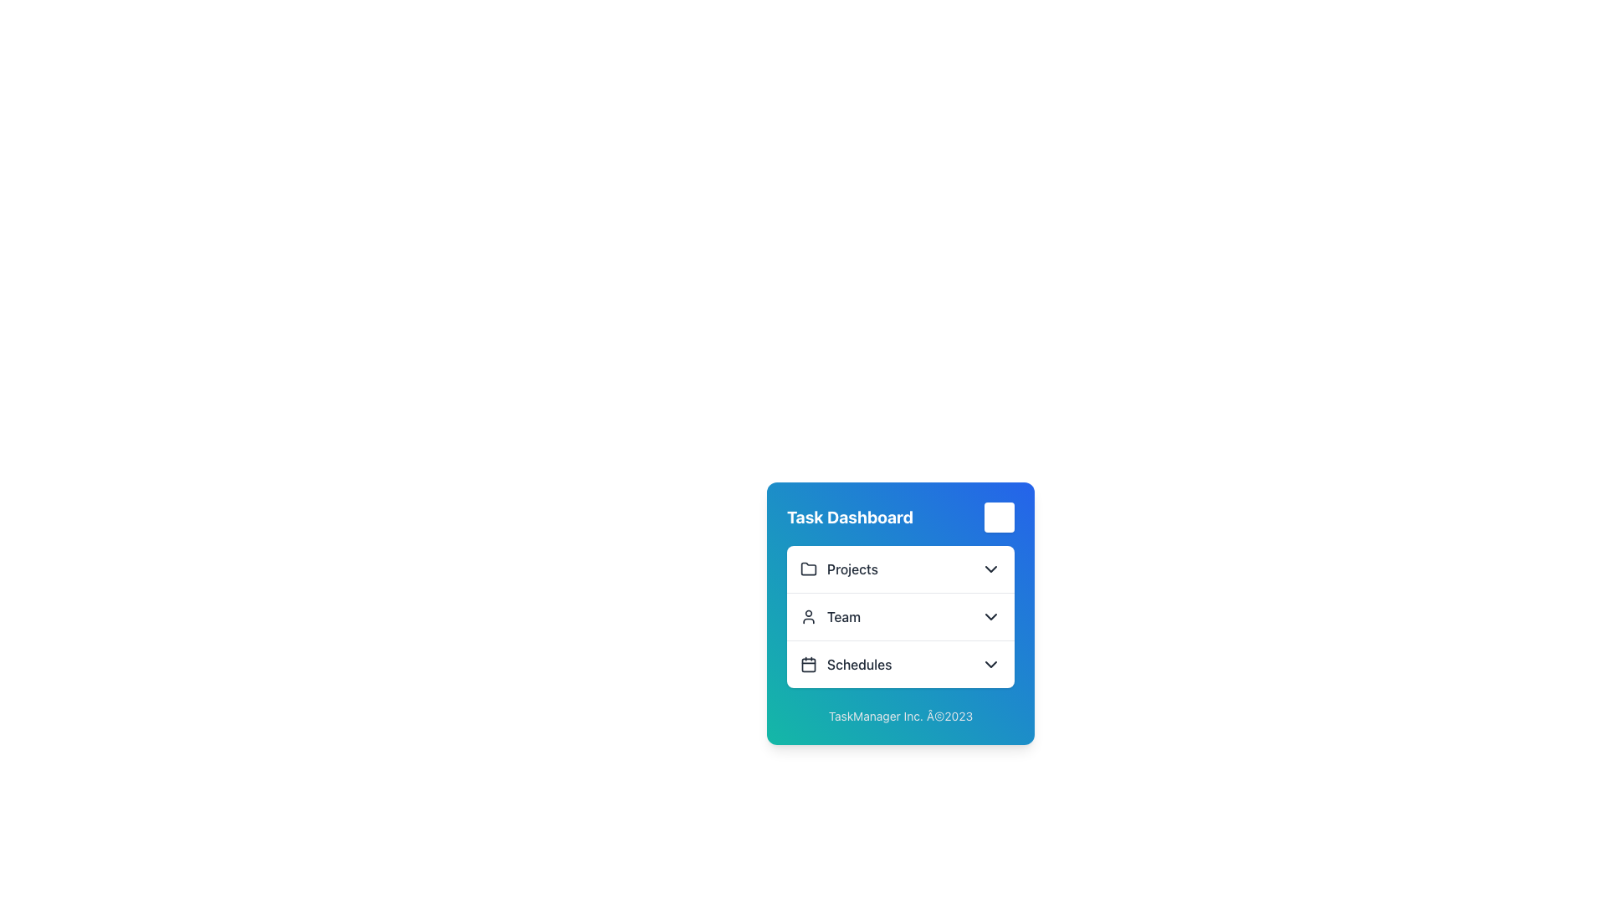 This screenshot has height=903, width=1606. Describe the element at coordinates (899, 663) in the screenshot. I see `the 'Schedules' dropdown button located below the 'Team' dropdown in the 'Task Dashboard' card` at that location.